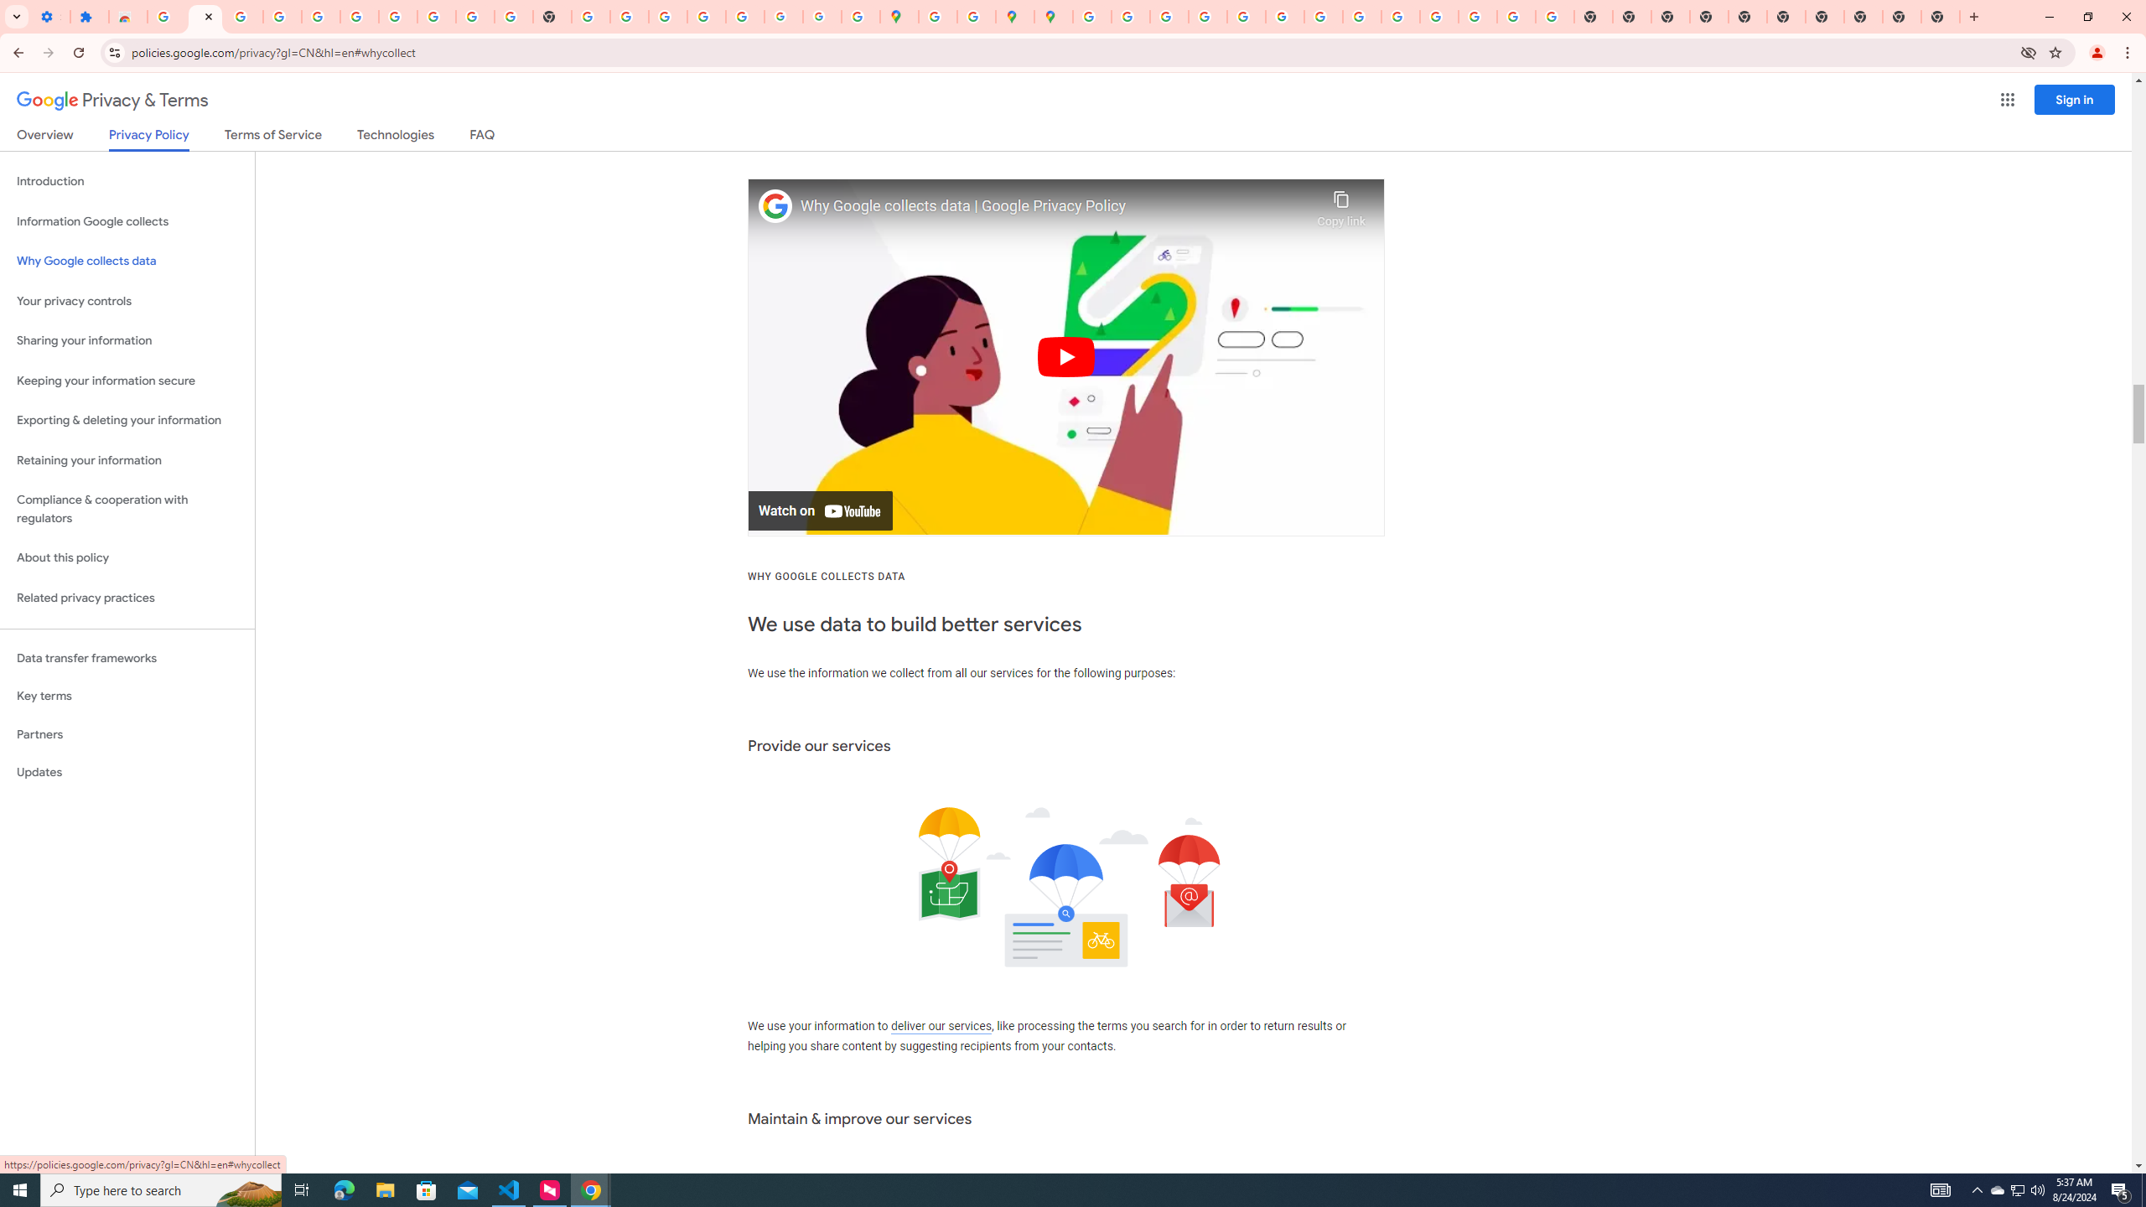  I want to click on 'Partners', so click(127, 734).